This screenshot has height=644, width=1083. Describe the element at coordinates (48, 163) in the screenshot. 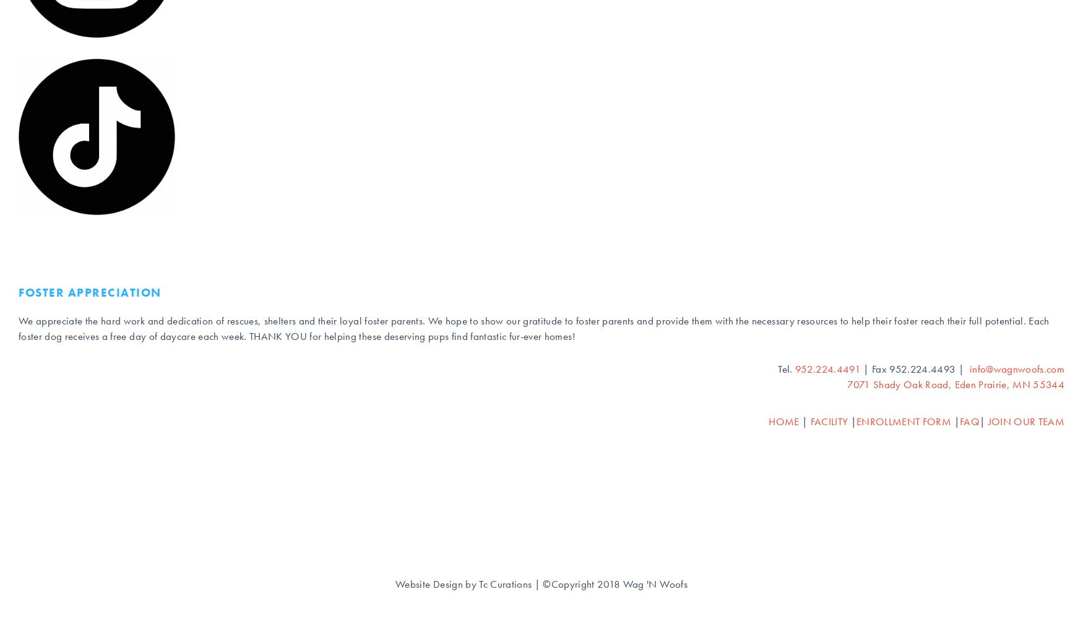

I see `'TIKTOK —'` at that location.